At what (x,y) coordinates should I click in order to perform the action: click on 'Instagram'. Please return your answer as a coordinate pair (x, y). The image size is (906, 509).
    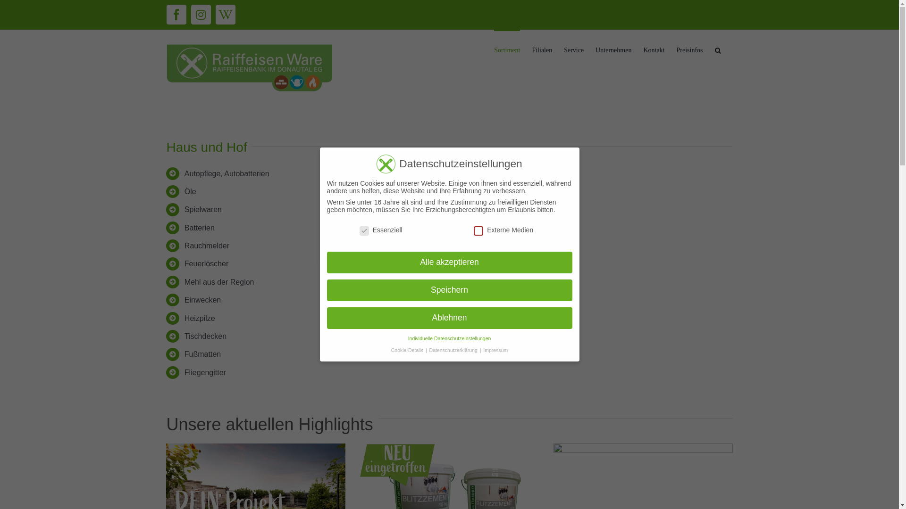
    Looking at the image, I should click on (190, 14).